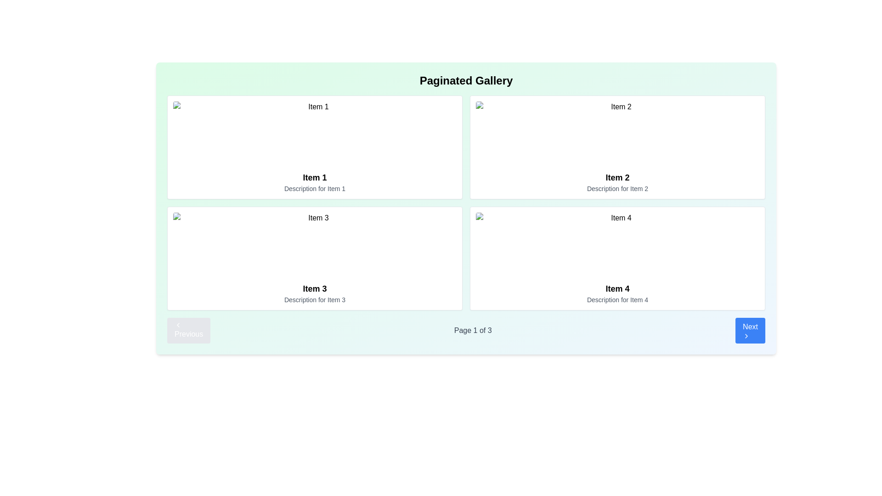  What do you see at coordinates (617, 188) in the screenshot?
I see `descriptive text label located below the title 'Item 2' in the item card for 'Item 2', which is situated in the top right corner of the grid layout` at bounding box center [617, 188].